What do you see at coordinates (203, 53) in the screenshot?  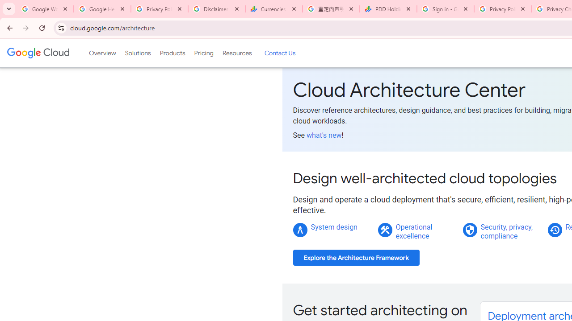 I see `'Pricing'` at bounding box center [203, 53].